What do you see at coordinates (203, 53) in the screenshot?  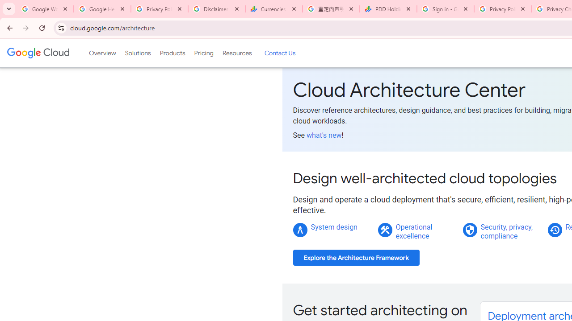 I see `'Pricing'` at bounding box center [203, 53].